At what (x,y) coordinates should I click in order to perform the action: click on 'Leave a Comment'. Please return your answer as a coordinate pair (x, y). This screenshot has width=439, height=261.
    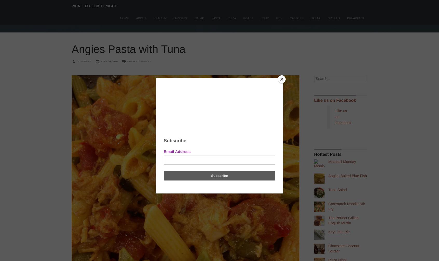
    Looking at the image, I should click on (126, 61).